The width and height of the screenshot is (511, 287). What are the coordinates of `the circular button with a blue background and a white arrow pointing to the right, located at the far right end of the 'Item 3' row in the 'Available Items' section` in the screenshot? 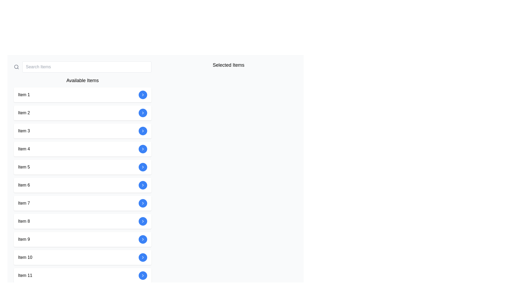 It's located at (143, 131).